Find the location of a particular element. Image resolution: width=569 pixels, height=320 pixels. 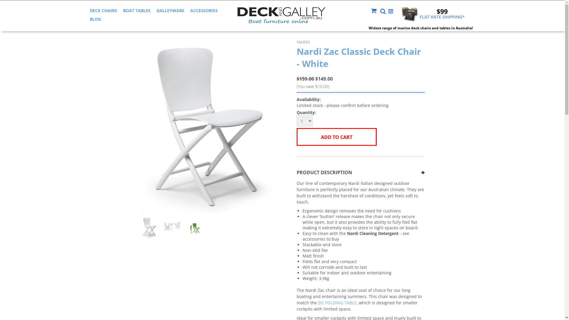

'GALLEYWARE' is located at coordinates (156, 10).